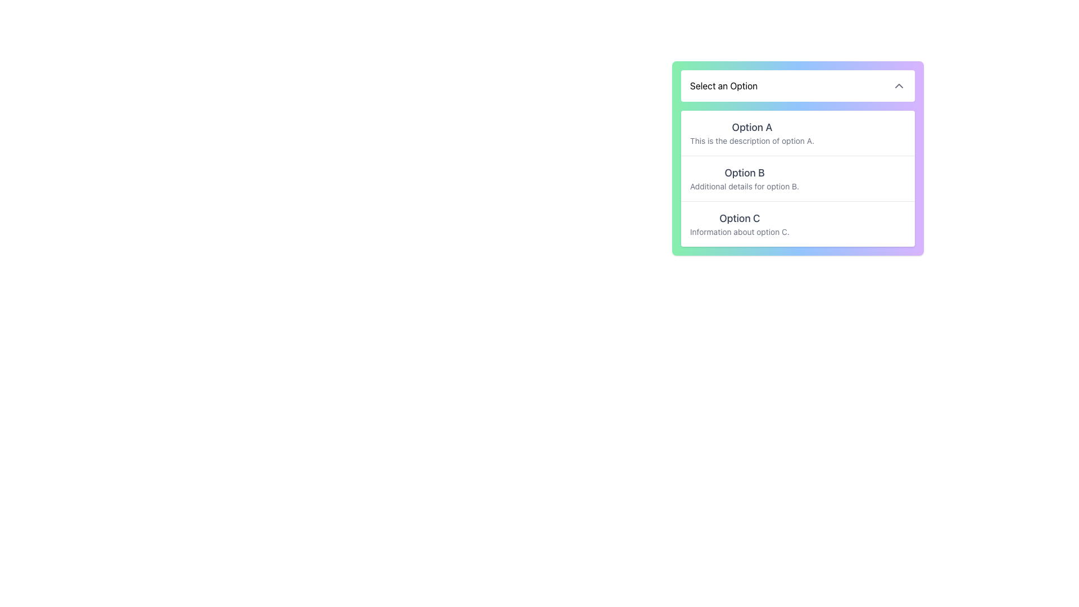 The width and height of the screenshot is (1079, 607). What do you see at coordinates (898, 85) in the screenshot?
I see `the chevron button located at the far right of the 'Select an Option' header` at bounding box center [898, 85].